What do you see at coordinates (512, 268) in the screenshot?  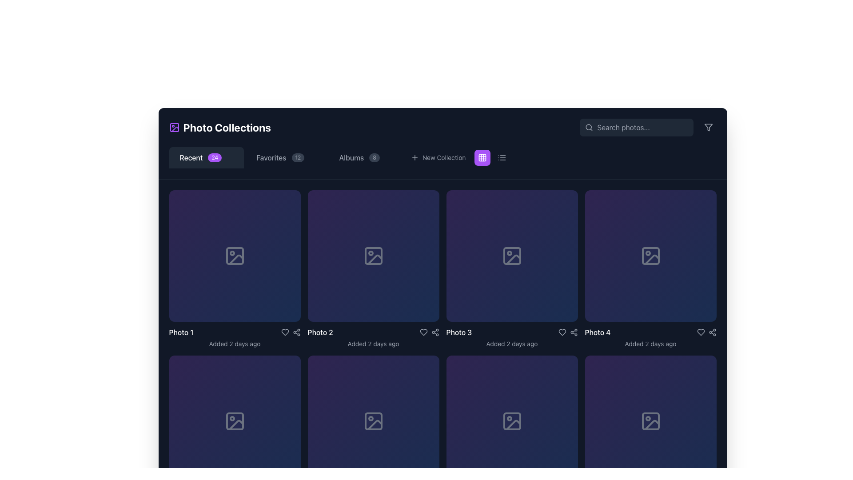 I see `the interactive photo tile labeled 'Photo 3', which features a gradient background and a picture icon` at bounding box center [512, 268].